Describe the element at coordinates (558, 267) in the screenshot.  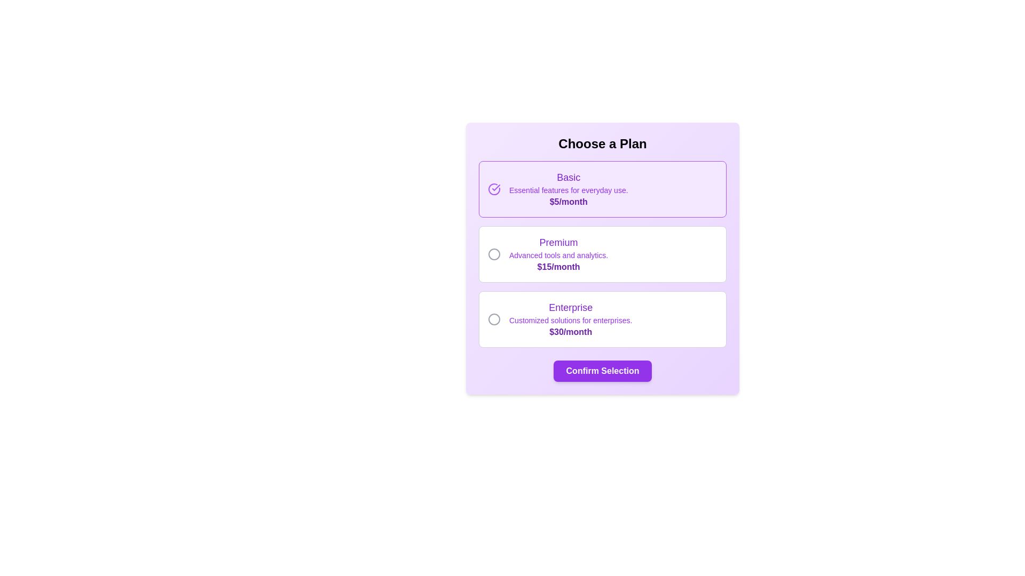
I see `text displayed in the Text Label that shows the cost of the 'Premium' subscription plan, located below 'Advanced tools and analytics.' and above the 'Premium' radio button` at that location.